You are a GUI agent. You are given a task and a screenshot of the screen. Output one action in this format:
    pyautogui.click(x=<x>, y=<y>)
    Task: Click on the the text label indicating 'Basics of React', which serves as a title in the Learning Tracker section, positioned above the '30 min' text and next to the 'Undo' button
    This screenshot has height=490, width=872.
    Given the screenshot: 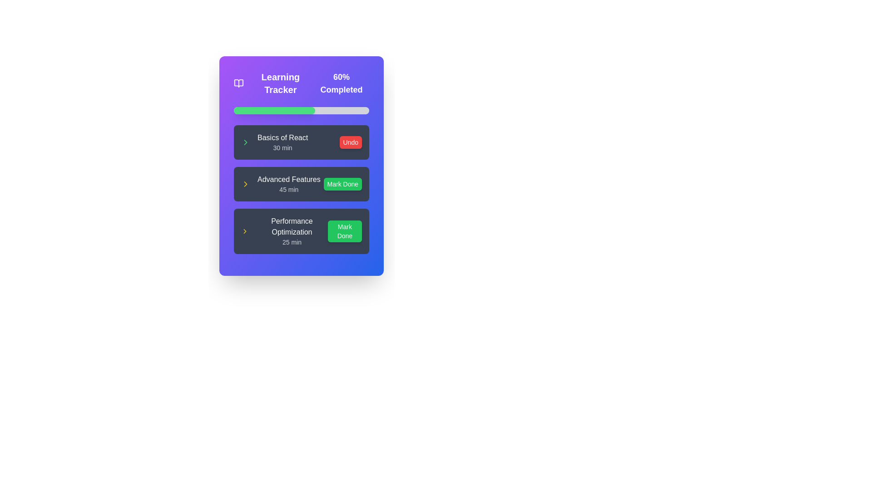 What is the action you would take?
    pyautogui.click(x=282, y=138)
    